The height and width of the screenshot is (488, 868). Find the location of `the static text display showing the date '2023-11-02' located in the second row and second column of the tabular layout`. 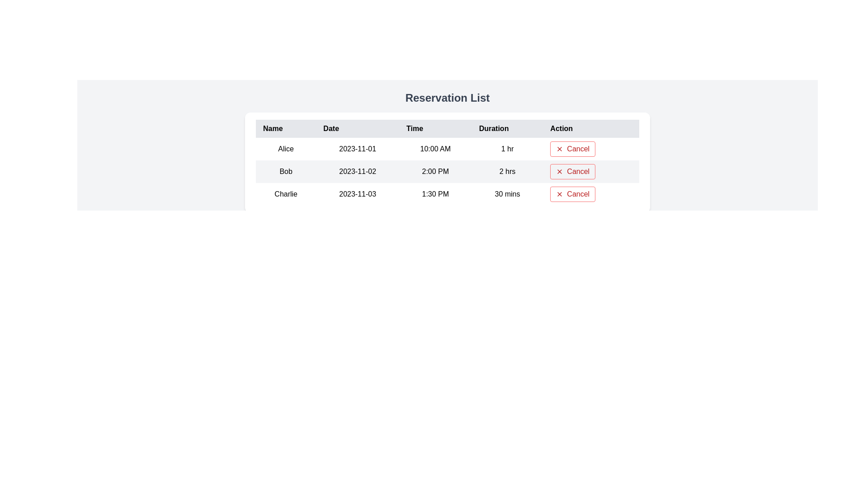

the static text display showing the date '2023-11-02' located in the second row and second column of the tabular layout is located at coordinates (357, 172).